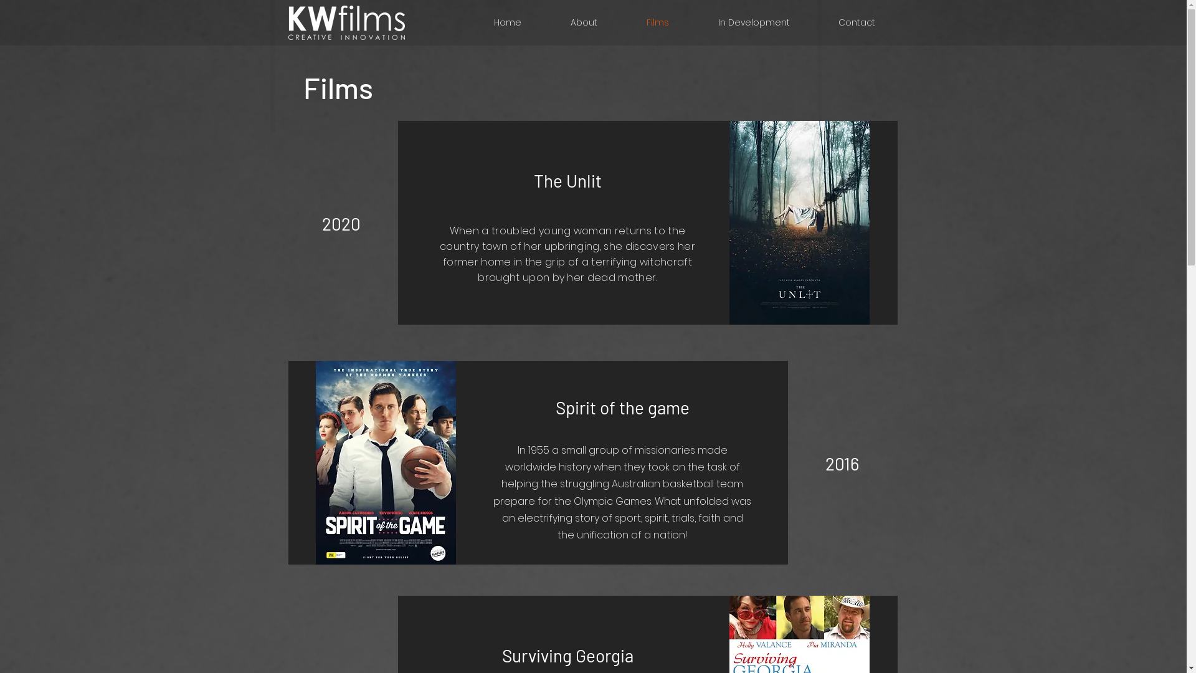  Describe the element at coordinates (855, 22) in the screenshot. I see `'Contact'` at that location.